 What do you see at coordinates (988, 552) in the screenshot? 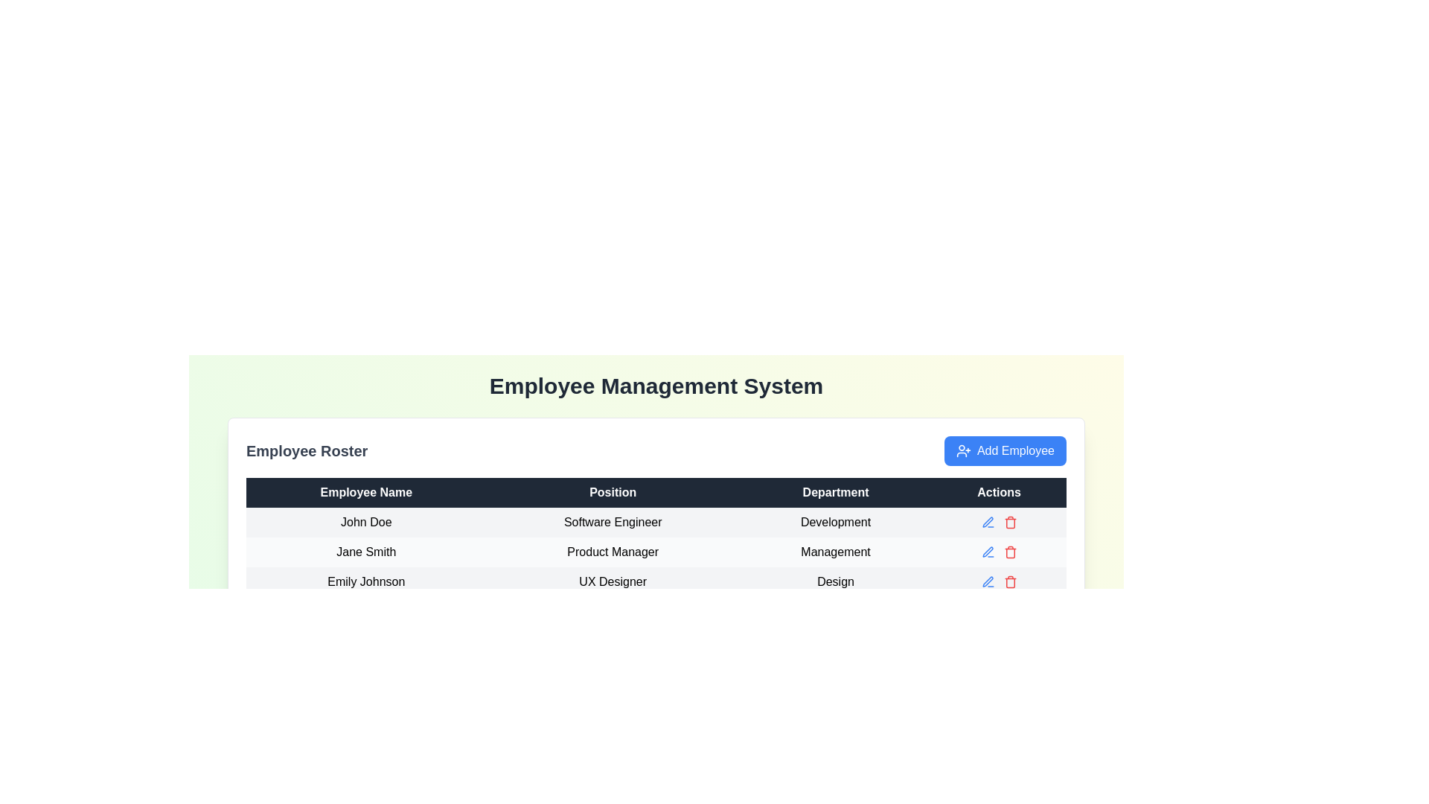
I see `the Interactive icon button located in the 'Actions' column of the second row of the employee table to observe visual feedback` at bounding box center [988, 552].